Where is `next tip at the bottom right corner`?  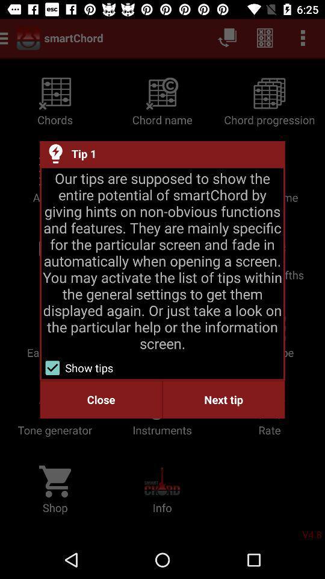 next tip at the bottom right corner is located at coordinates (223, 399).